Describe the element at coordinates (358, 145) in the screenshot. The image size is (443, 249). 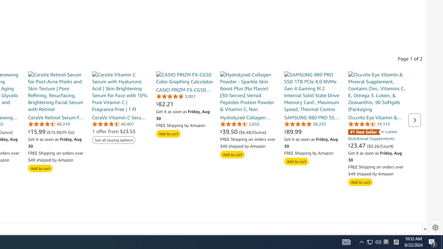
I see `'$23.47 '` at that location.